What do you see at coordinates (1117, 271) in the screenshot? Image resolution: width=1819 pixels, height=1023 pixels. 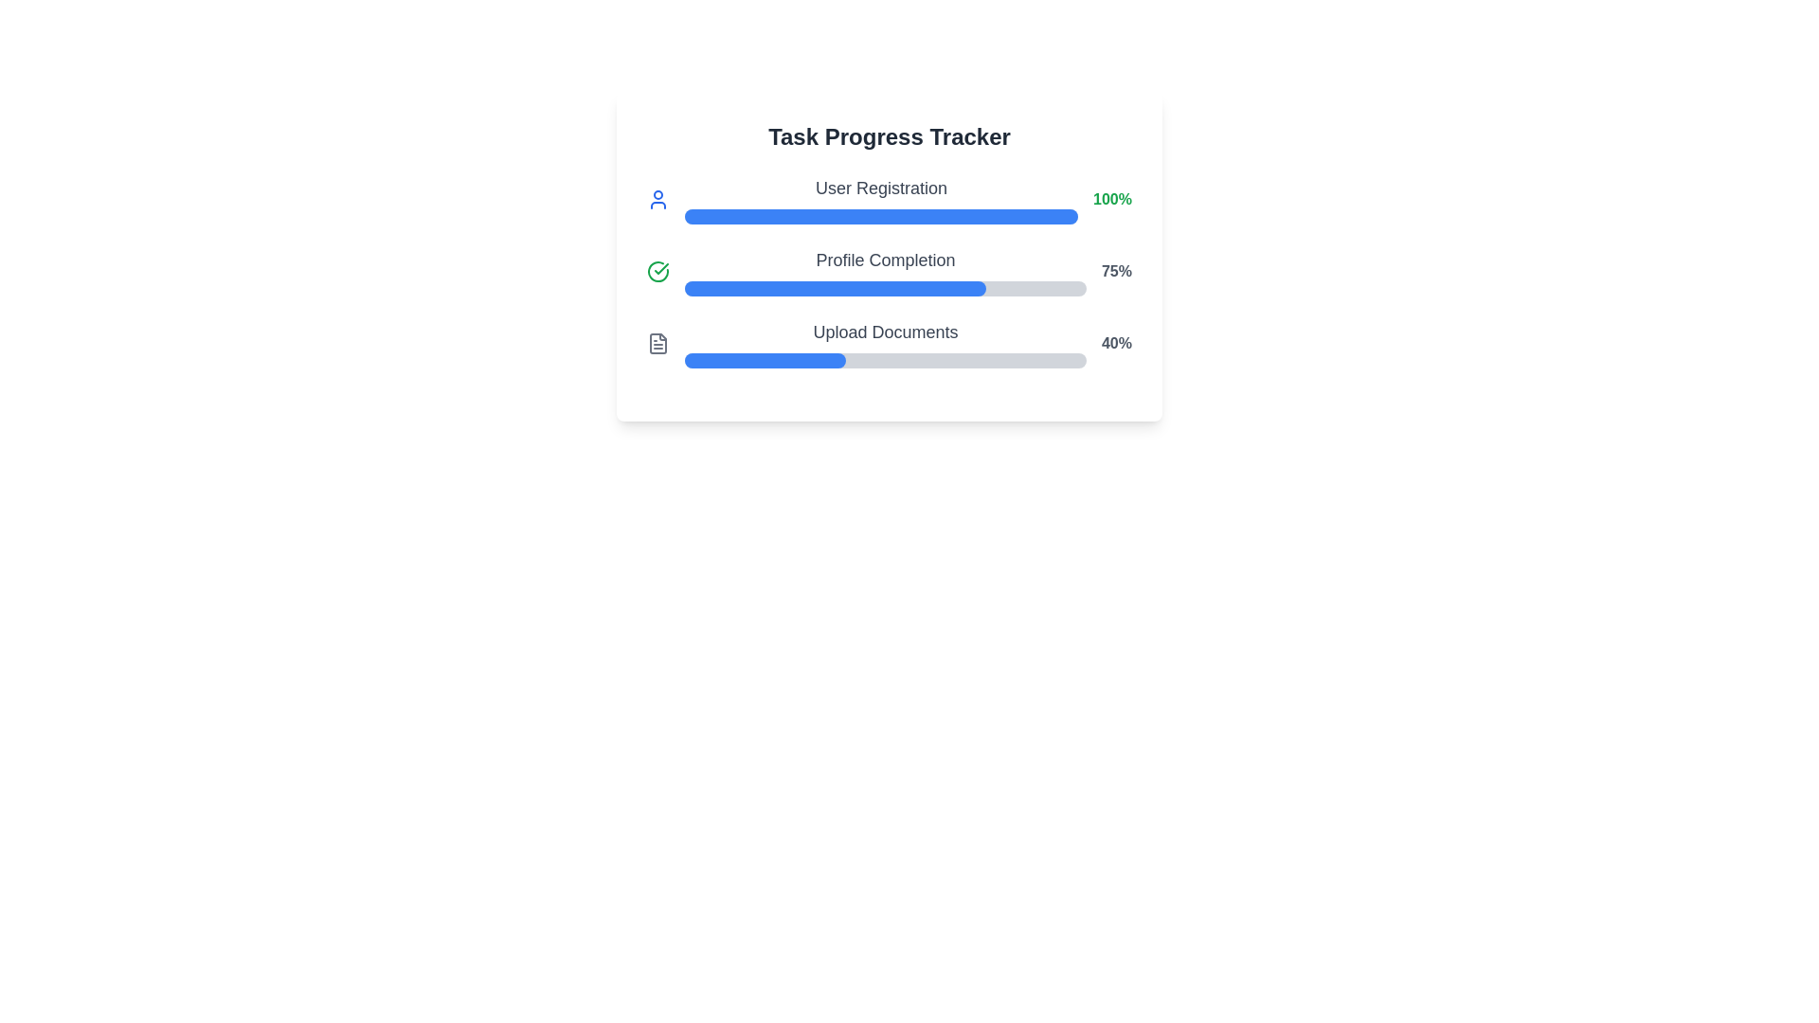 I see `percentage value displayed in the text label showing '75%' that is positioned to the right of the progress bar for 'Profile Completion'` at bounding box center [1117, 271].